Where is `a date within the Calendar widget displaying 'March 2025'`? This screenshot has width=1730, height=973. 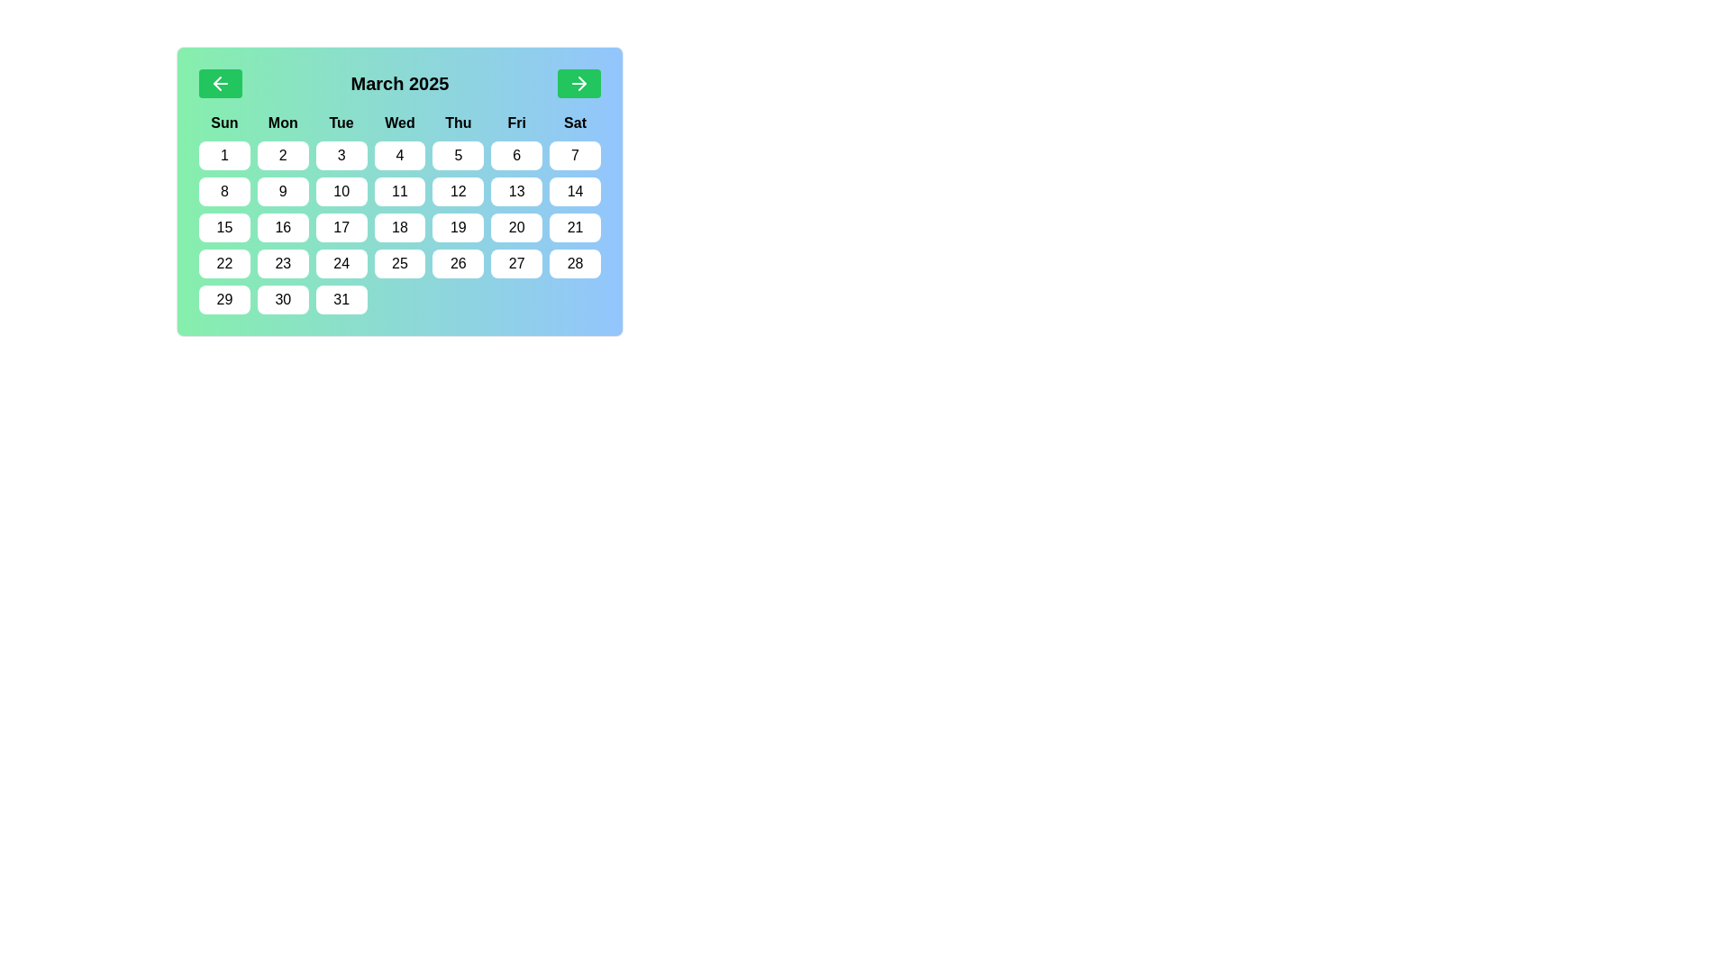
a date within the Calendar widget displaying 'March 2025' is located at coordinates (399, 197).